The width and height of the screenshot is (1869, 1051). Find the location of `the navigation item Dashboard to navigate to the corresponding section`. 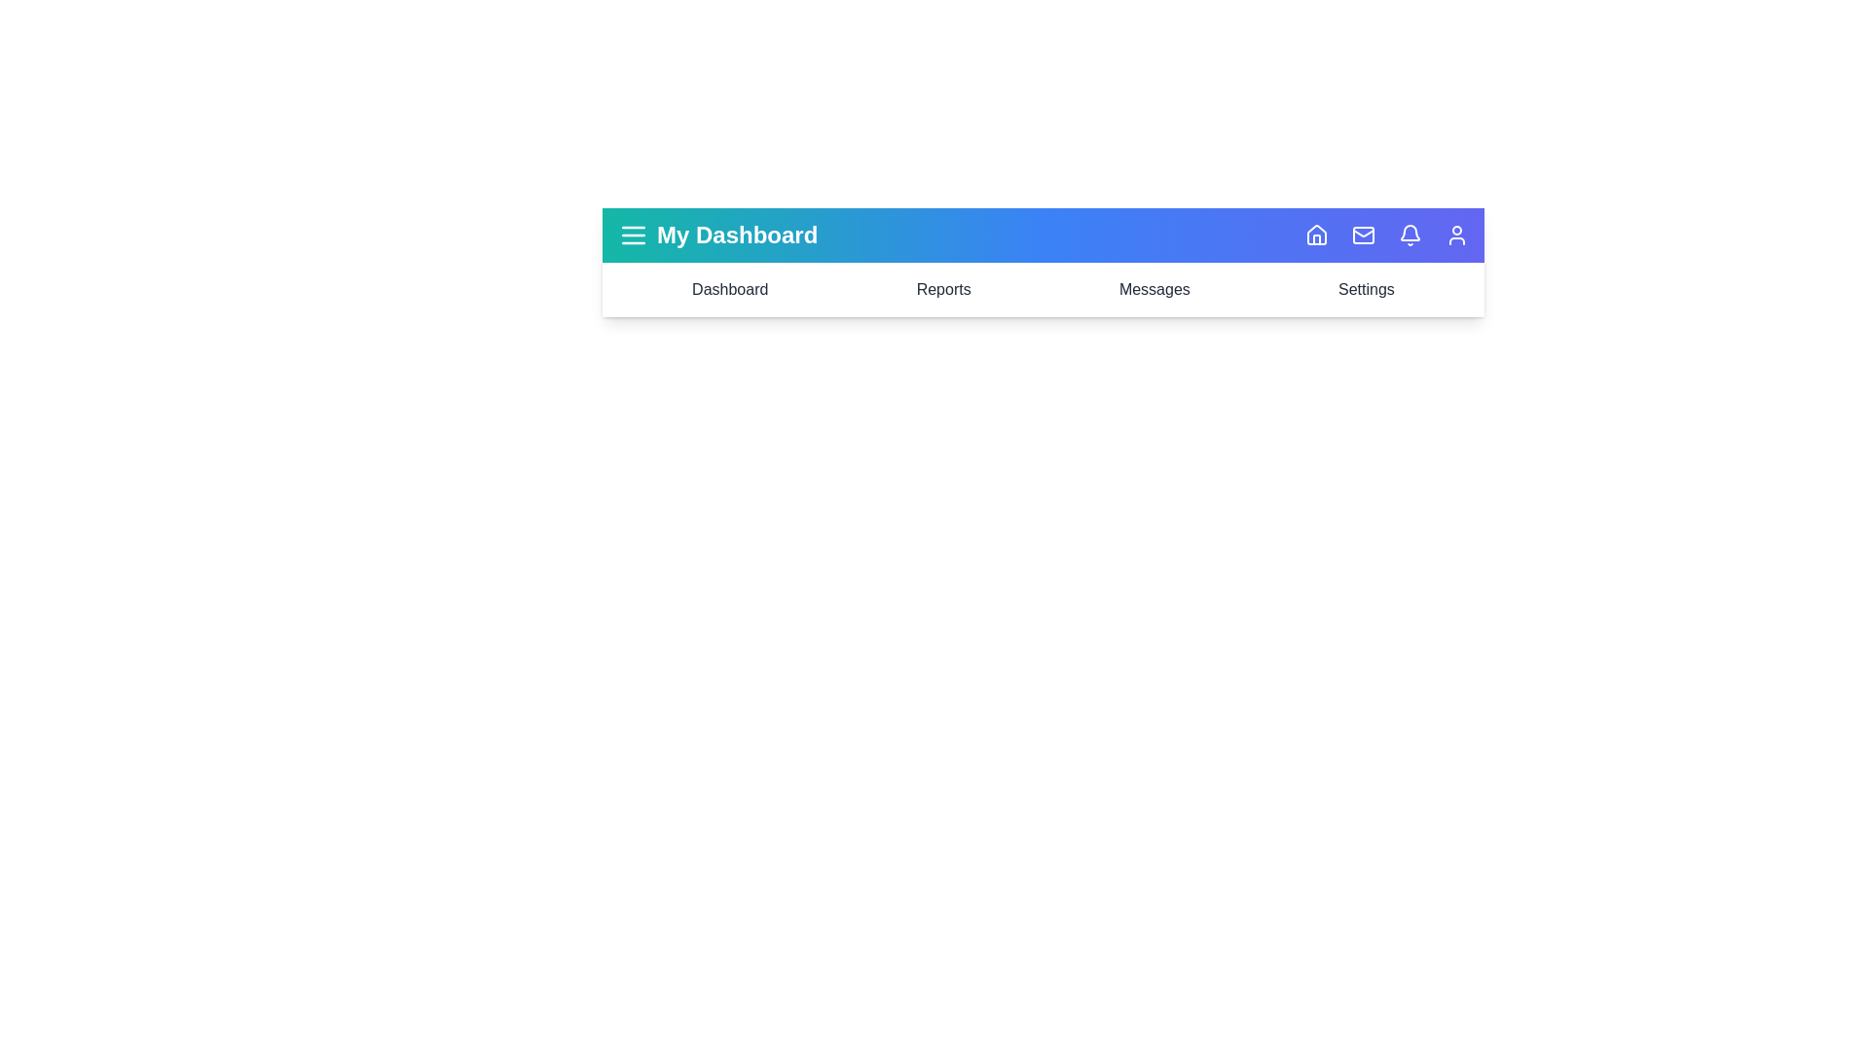

the navigation item Dashboard to navigate to the corresponding section is located at coordinates (729, 289).